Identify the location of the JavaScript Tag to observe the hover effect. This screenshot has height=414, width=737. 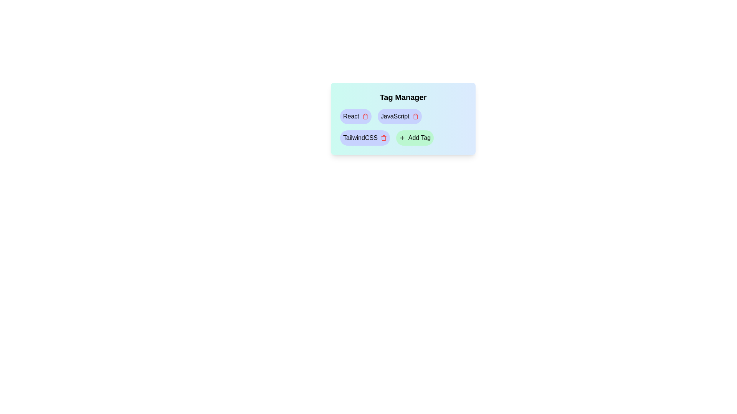
(399, 117).